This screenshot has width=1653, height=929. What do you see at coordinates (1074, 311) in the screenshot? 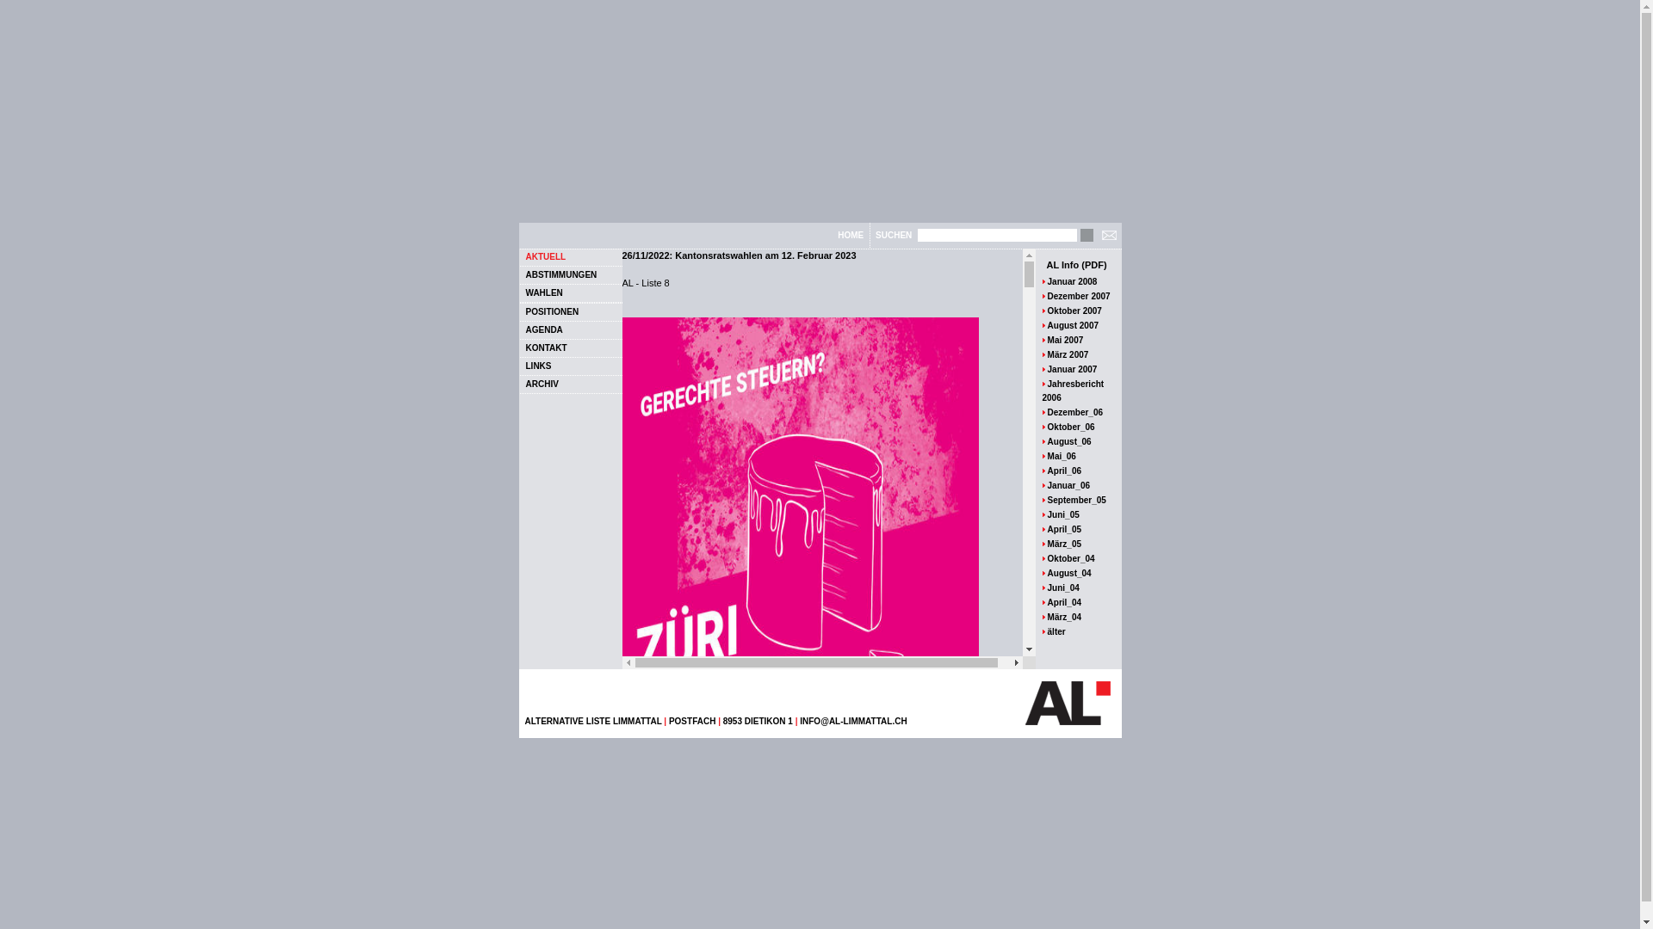
I see `'Oktober 2007'` at bounding box center [1074, 311].